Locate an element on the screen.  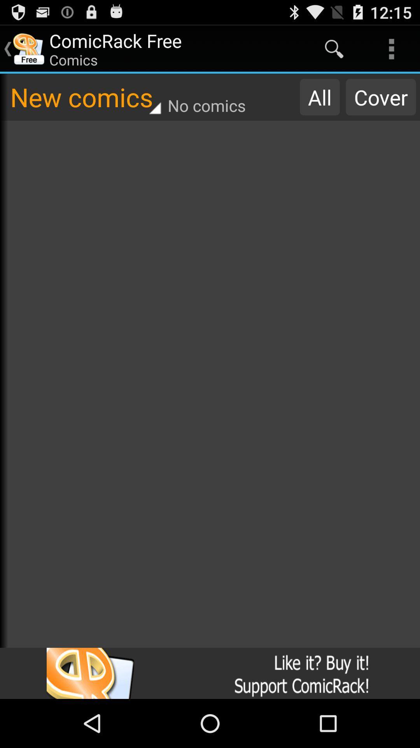
the icon above cover item is located at coordinates (391, 48).